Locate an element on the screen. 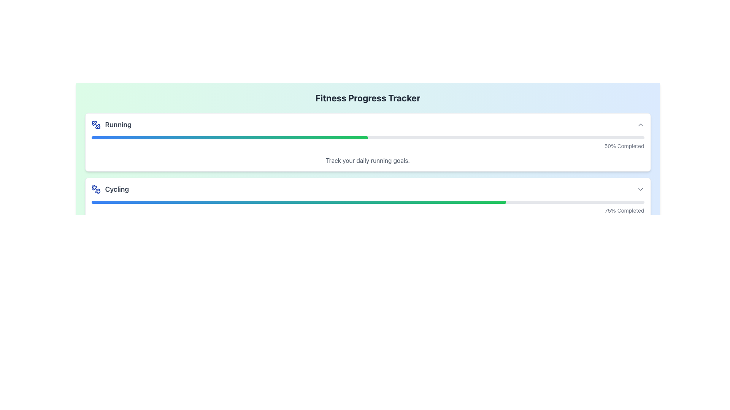 The width and height of the screenshot is (730, 410). the progress bar indicating 50% completion status for the 'Running' activity located in the top progress tracking bar is located at coordinates (229, 137).